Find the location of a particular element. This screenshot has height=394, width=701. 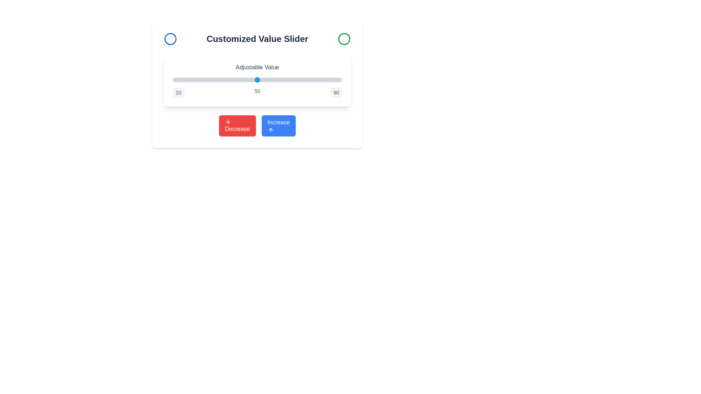

the slider value is located at coordinates (310, 80).